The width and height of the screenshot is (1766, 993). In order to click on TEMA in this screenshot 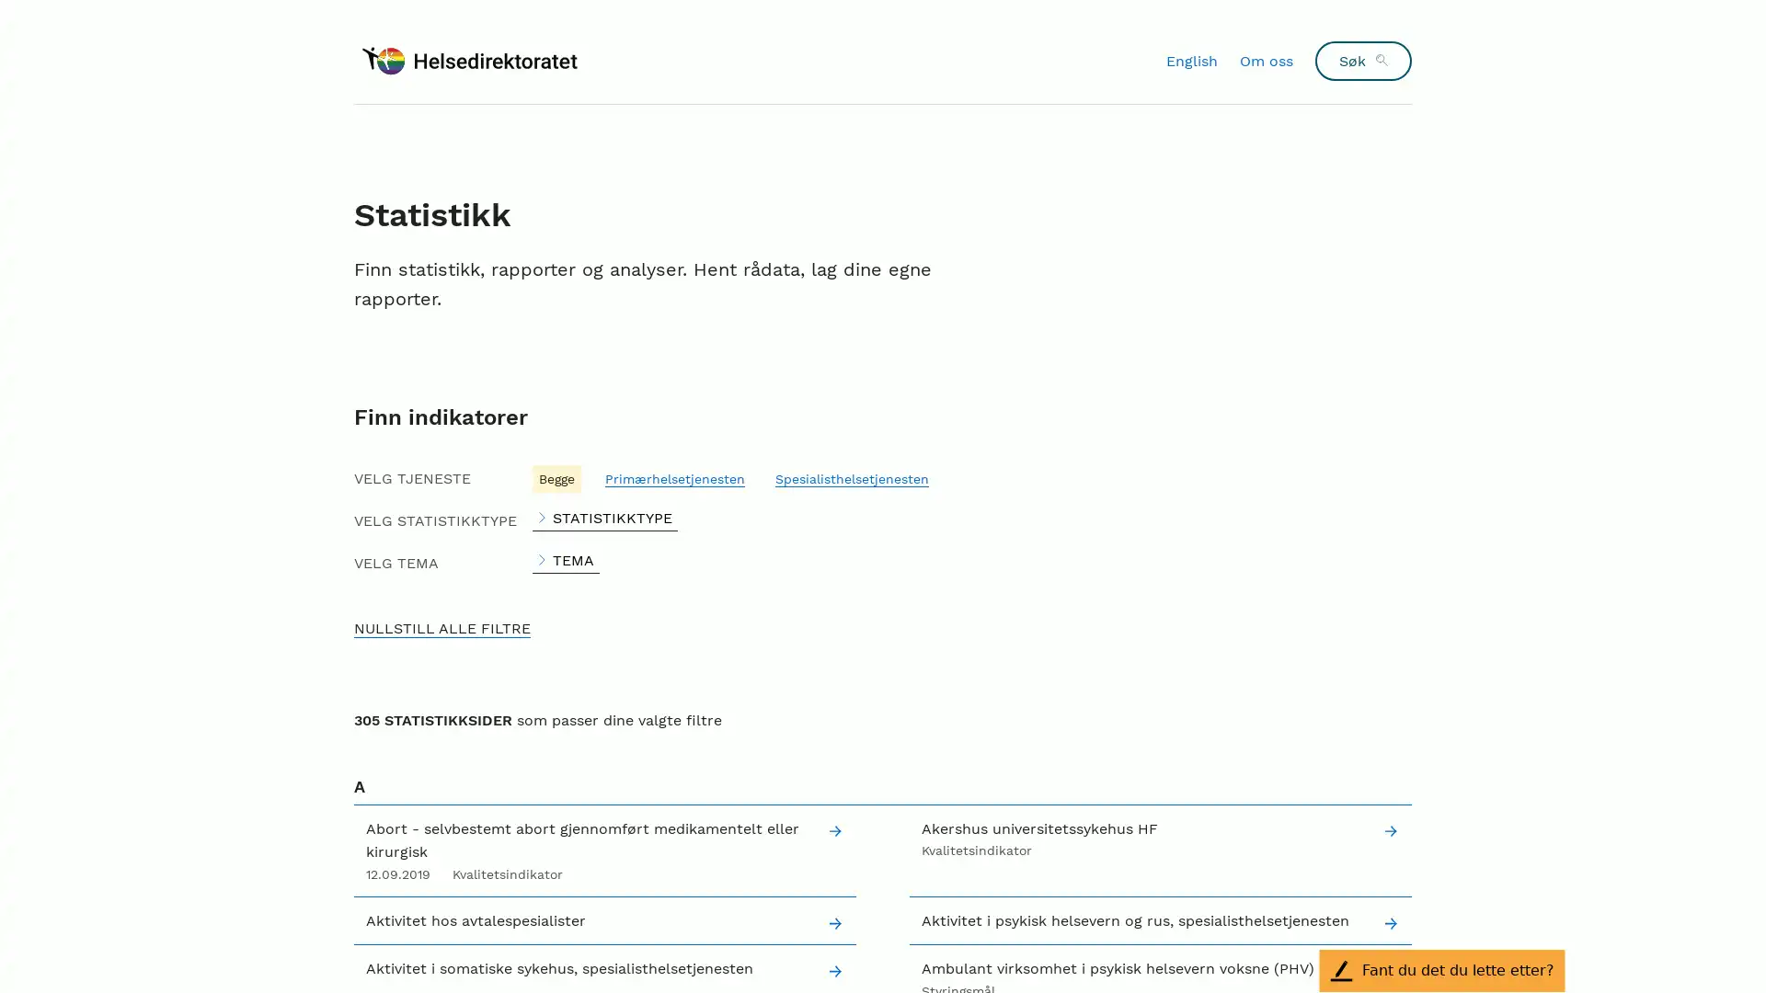, I will do `click(565, 560)`.